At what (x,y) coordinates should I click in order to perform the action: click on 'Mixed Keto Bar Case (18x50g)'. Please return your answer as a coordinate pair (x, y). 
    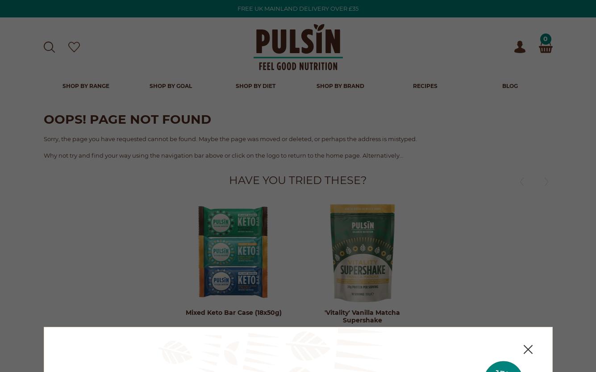
    Looking at the image, I should click on (233, 311).